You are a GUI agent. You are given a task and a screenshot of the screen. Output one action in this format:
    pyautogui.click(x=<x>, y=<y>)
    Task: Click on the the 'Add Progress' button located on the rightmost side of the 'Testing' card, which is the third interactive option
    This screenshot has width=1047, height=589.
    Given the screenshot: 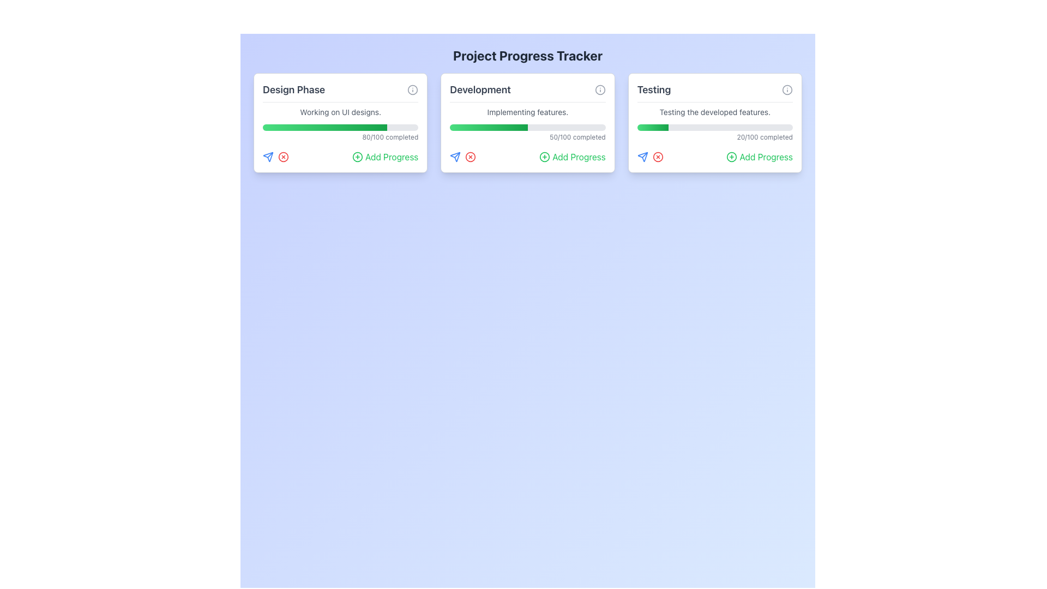 What is the action you would take?
    pyautogui.click(x=759, y=157)
    